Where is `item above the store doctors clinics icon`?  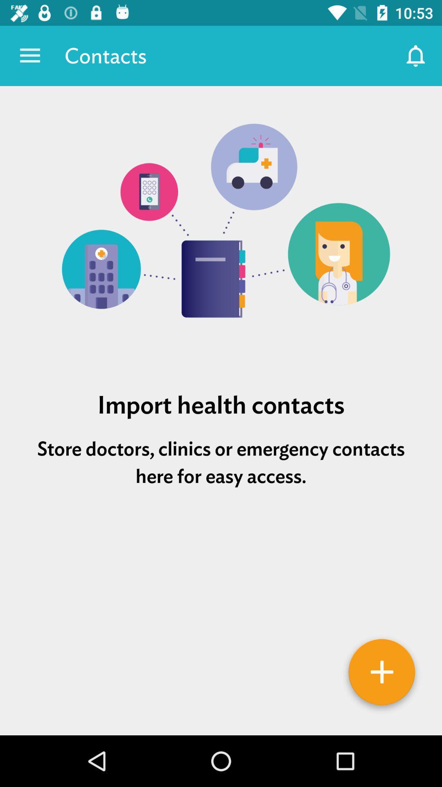 item above the store doctors clinics icon is located at coordinates (221, 405).